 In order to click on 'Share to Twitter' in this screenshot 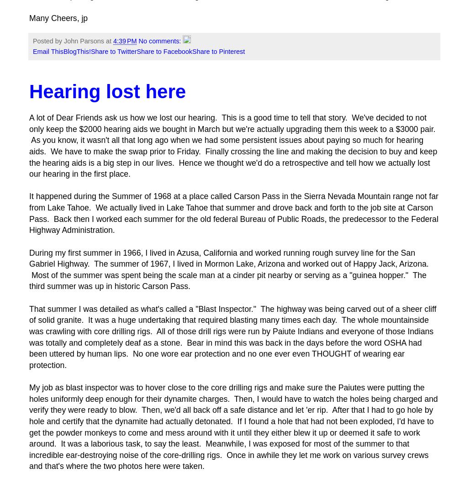, I will do `click(90, 51)`.